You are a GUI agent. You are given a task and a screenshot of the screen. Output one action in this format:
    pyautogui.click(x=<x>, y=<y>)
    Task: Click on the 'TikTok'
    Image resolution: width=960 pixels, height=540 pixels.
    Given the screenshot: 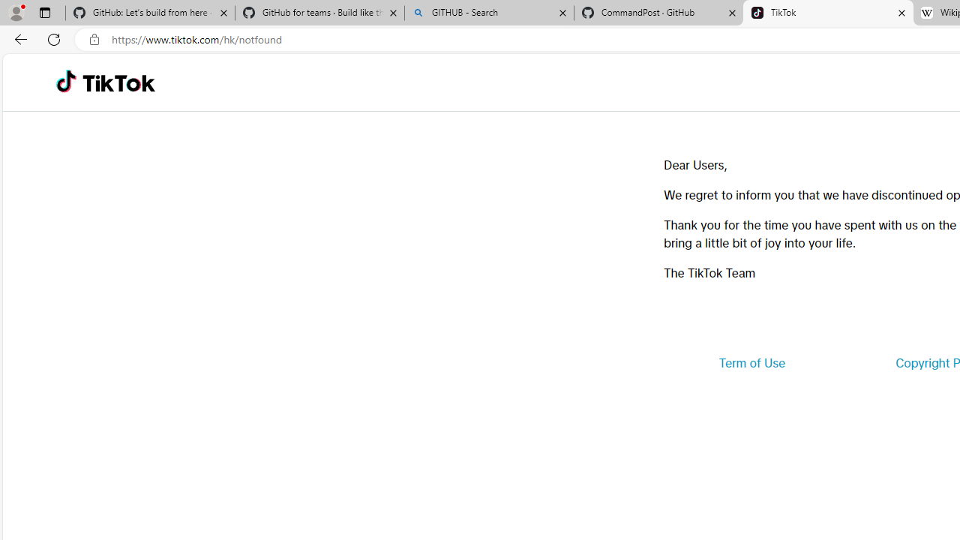 What is the action you would take?
    pyautogui.click(x=827, y=13)
    